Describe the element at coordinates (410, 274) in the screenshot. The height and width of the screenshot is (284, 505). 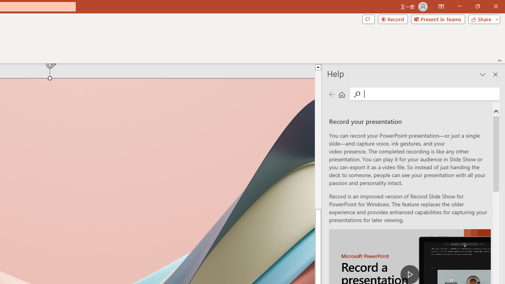
I see `'play Record a Presentation'` at that location.